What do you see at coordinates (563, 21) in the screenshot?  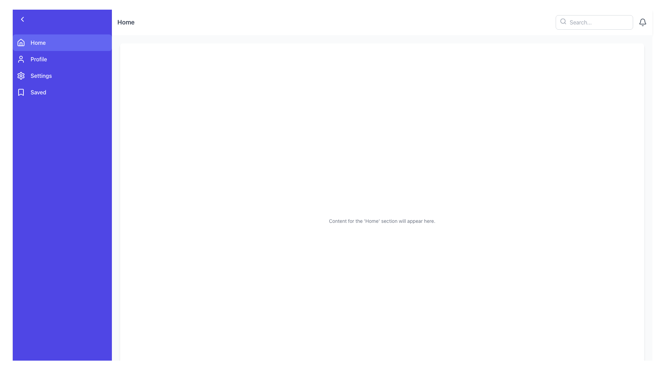 I see `the text input field associated with the magnifying glass icon located at the top-right side of the interface` at bounding box center [563, 21].